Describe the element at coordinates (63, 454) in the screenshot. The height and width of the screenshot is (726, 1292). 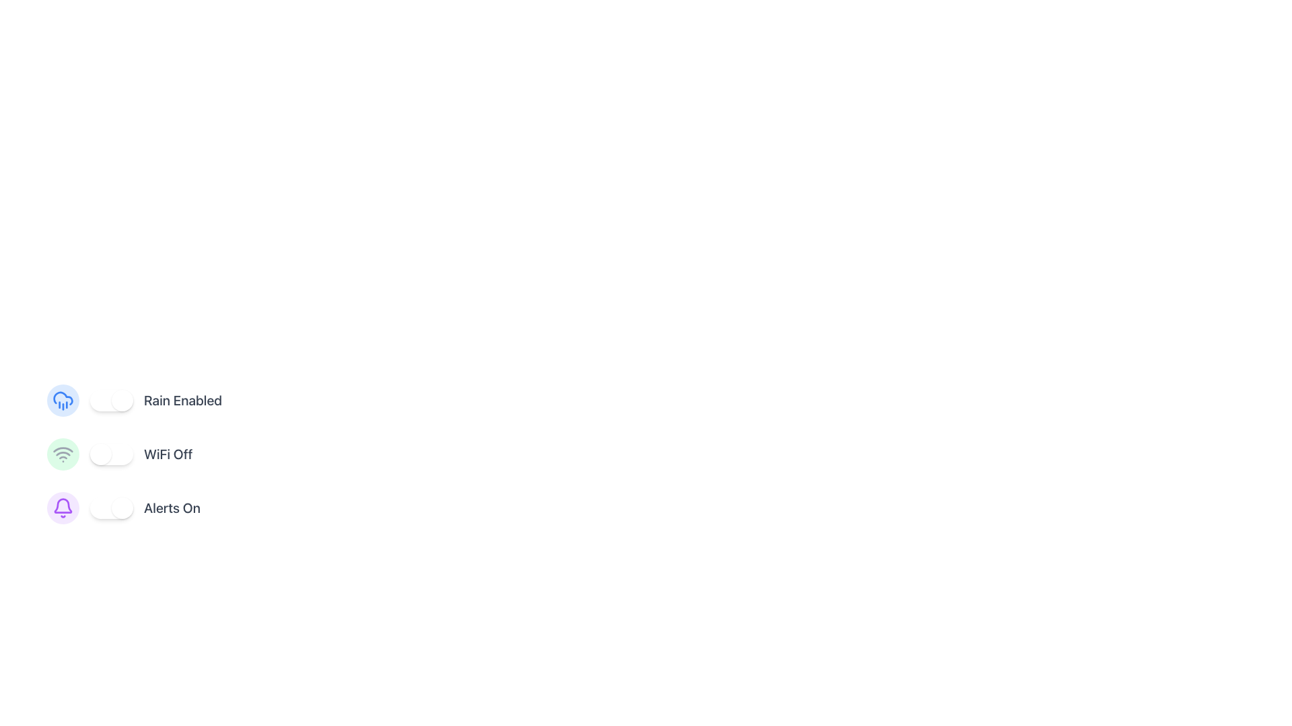
I see `the Wi-Fi icon located to the left of the 'WiFi Off' label and adjacent to the toggle switch` at that location.